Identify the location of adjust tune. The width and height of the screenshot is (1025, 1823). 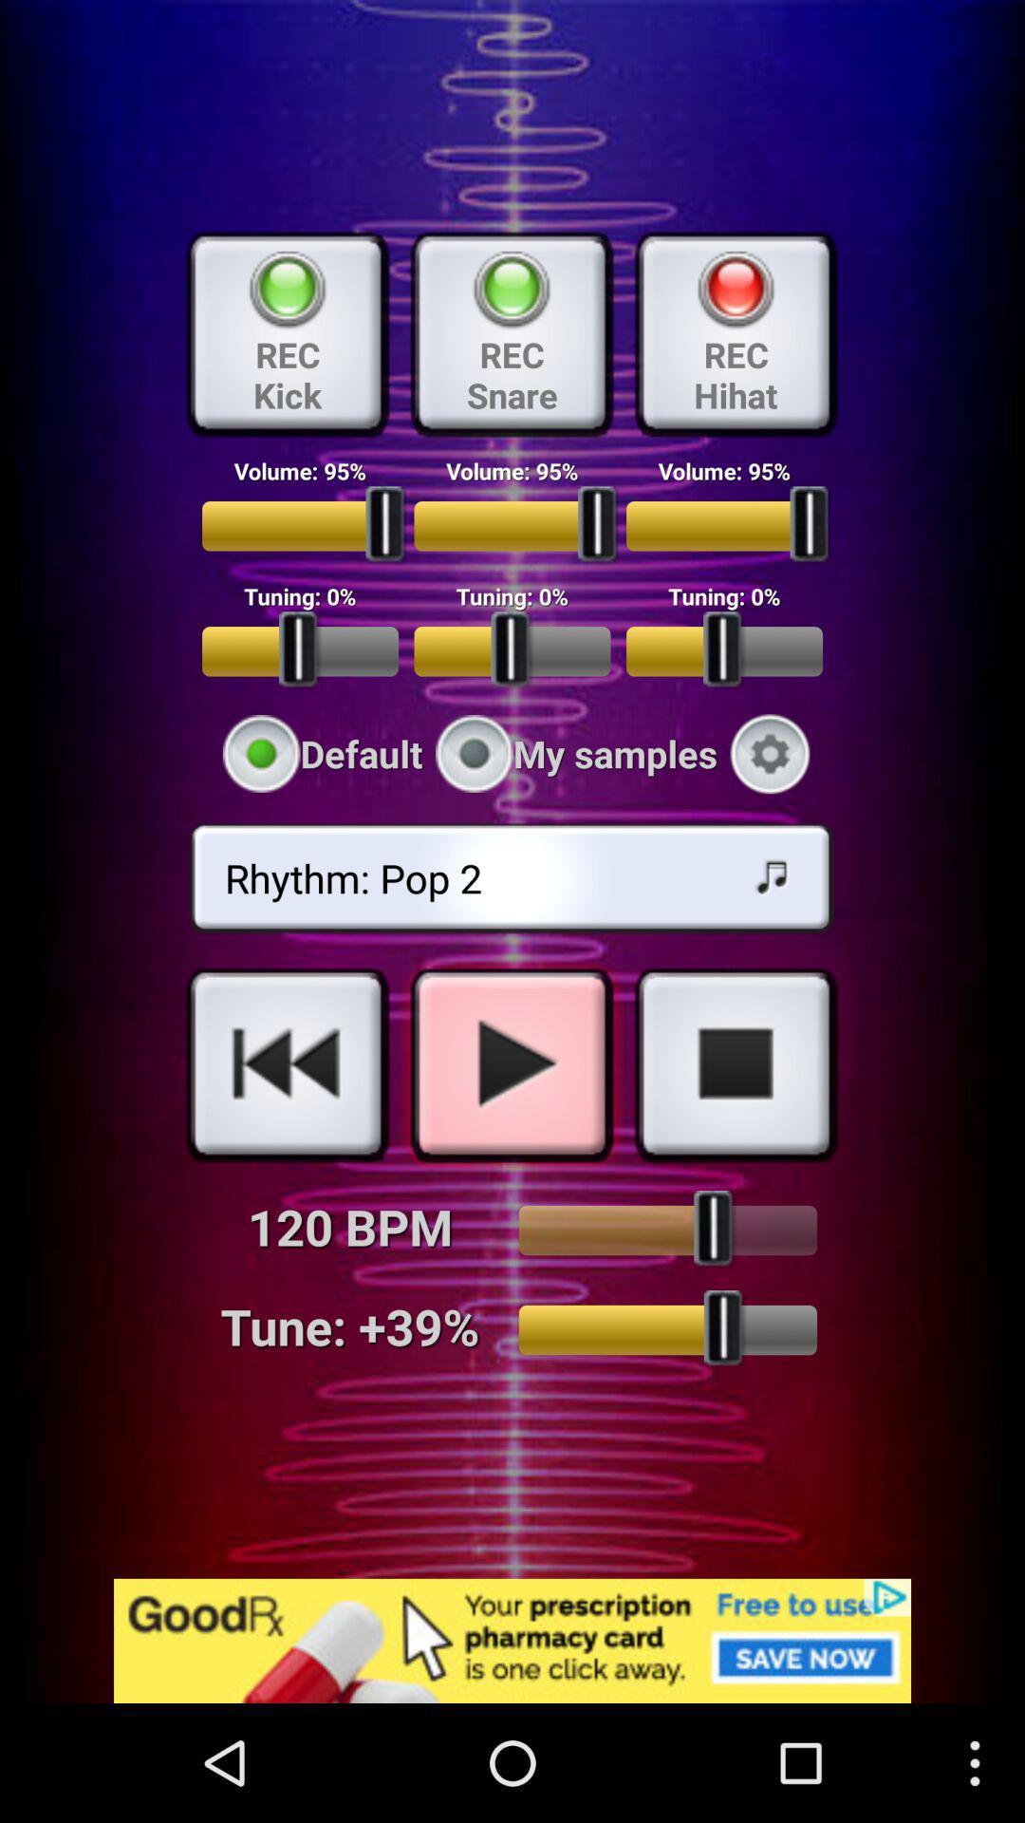
(666, 1329).